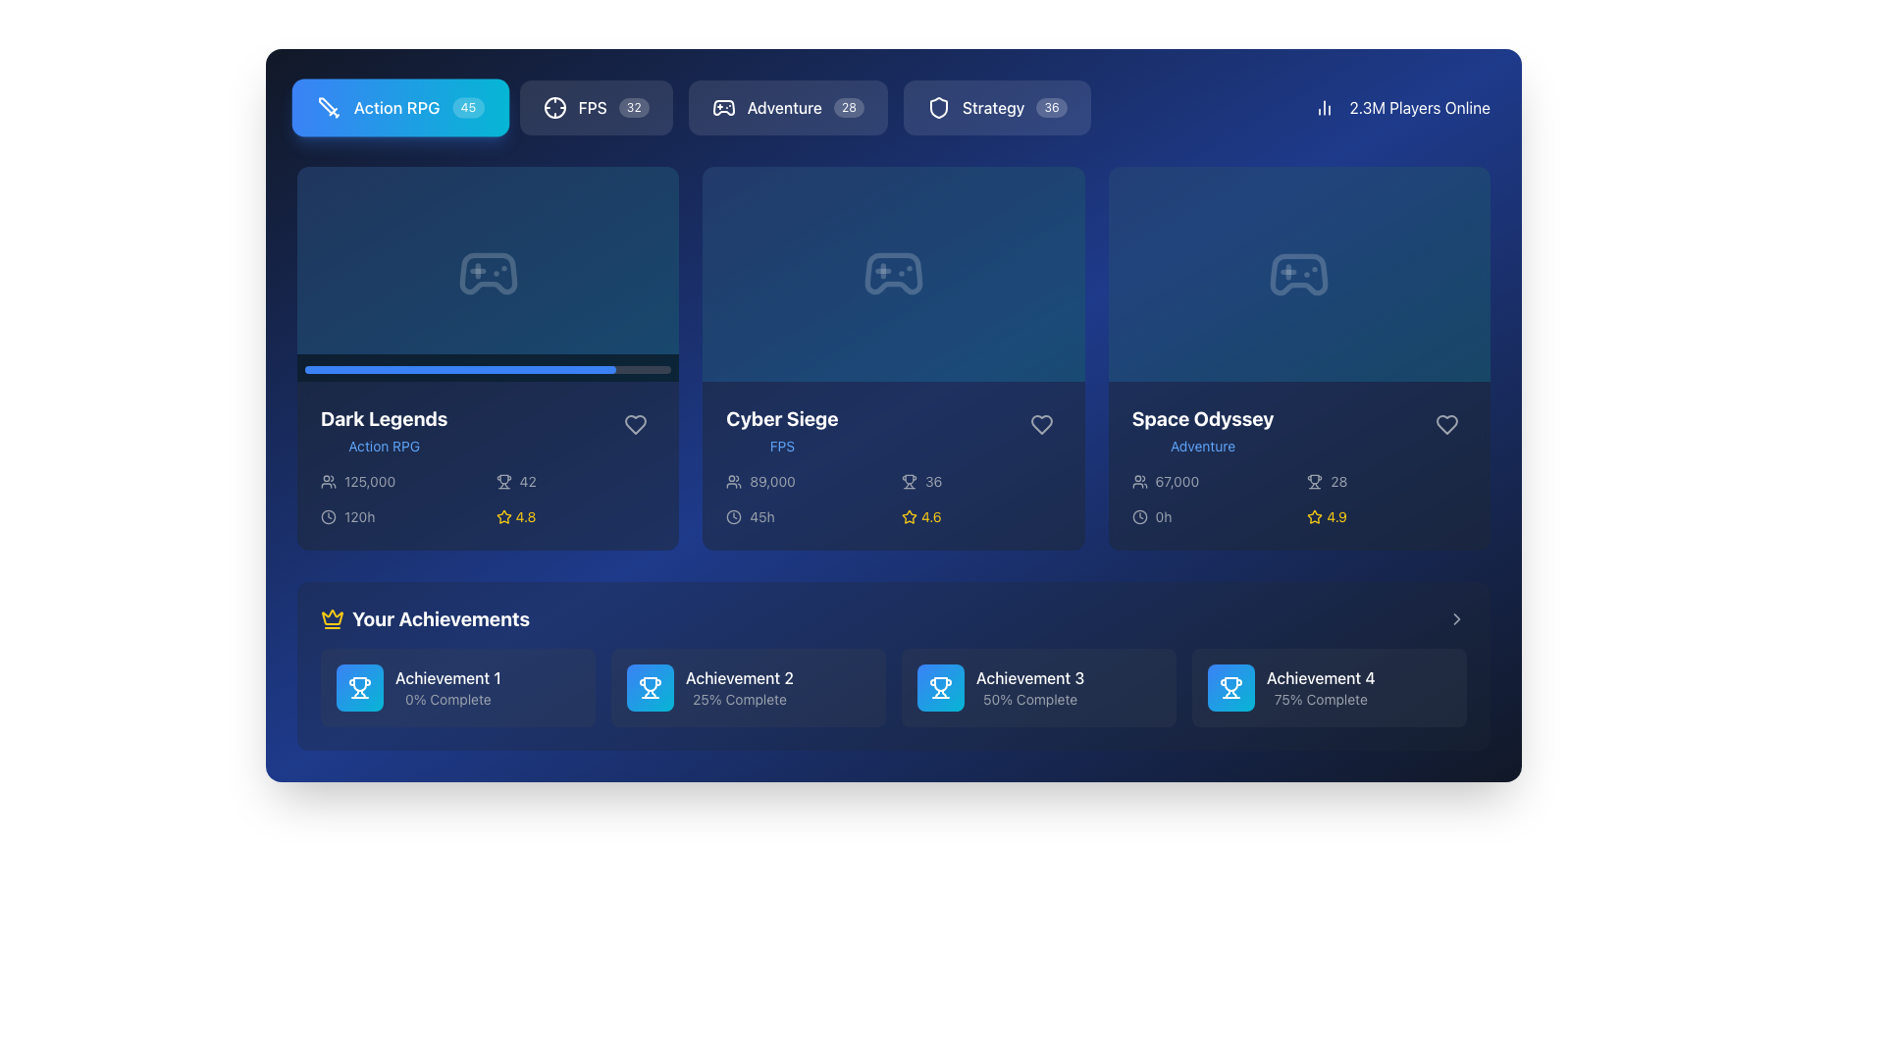 The height and width of the screenshot is (1060, 1884). Describe the element at coordinates (650, 687) in the screenshot. I see `the blue rounded square icon with a white outline of a trophy, which symbolizes an achievement, located in the second position among similar elements related to 'Achievement 2'` at that location.